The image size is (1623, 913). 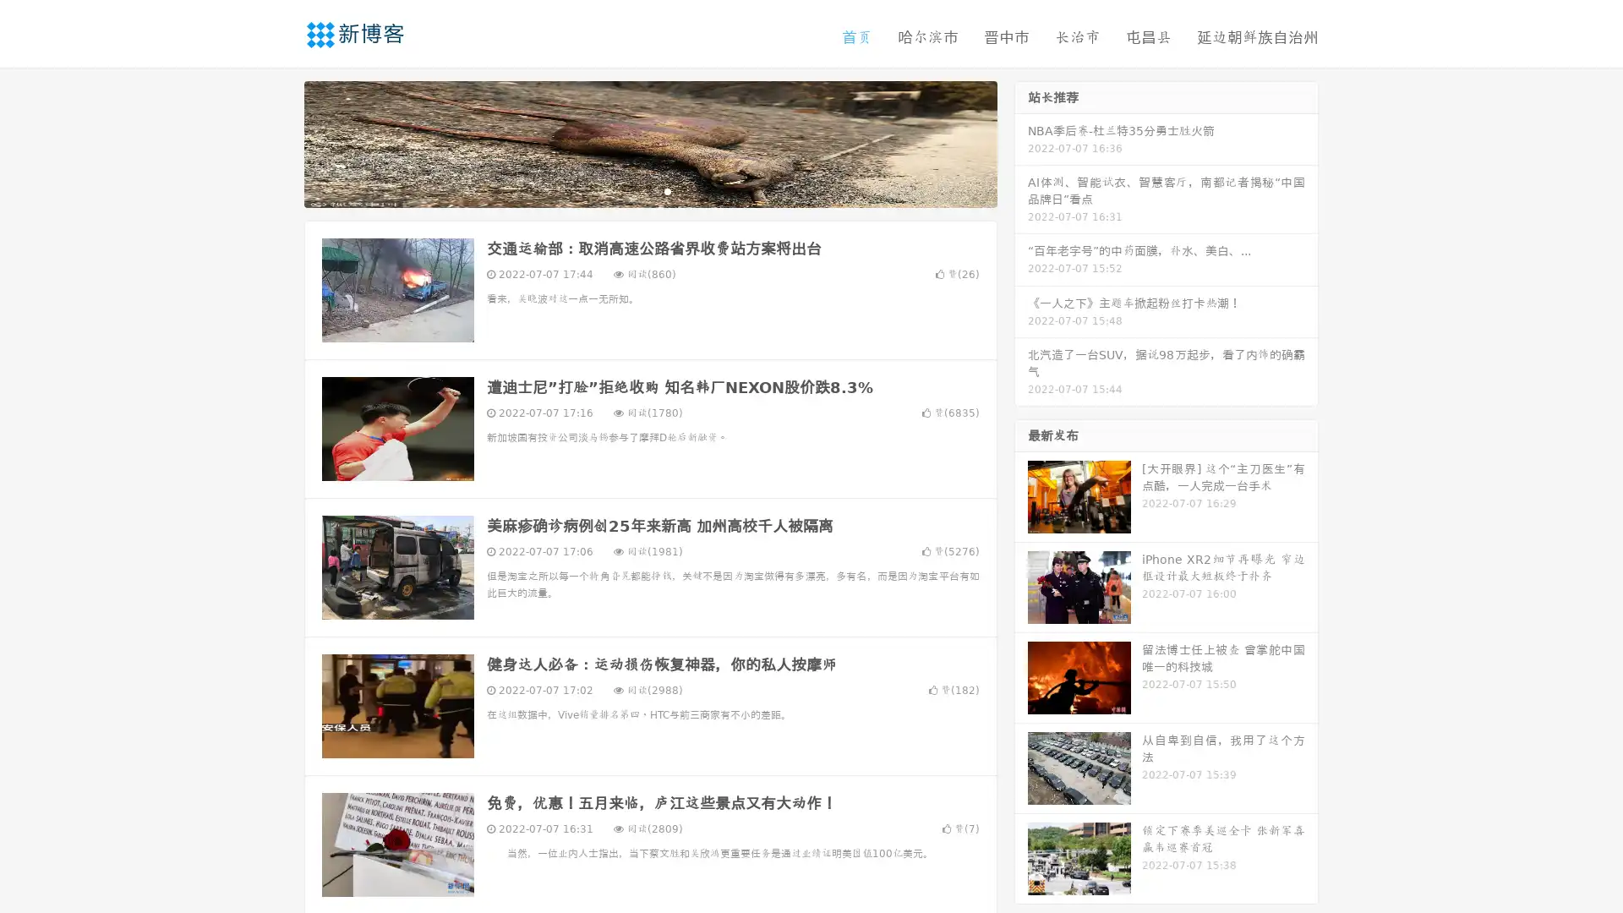 What do you see at coordinates (667, 190) in the screenshot?
I see `Go to slide 3` at bounding box center [667, 190].